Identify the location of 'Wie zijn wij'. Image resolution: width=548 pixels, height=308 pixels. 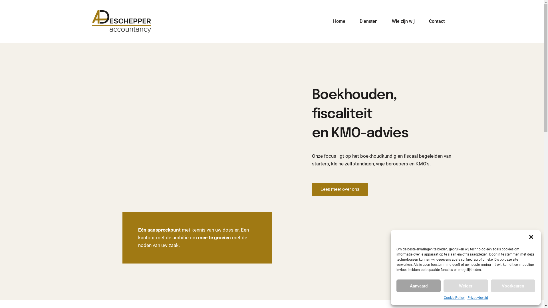
(385, 21).